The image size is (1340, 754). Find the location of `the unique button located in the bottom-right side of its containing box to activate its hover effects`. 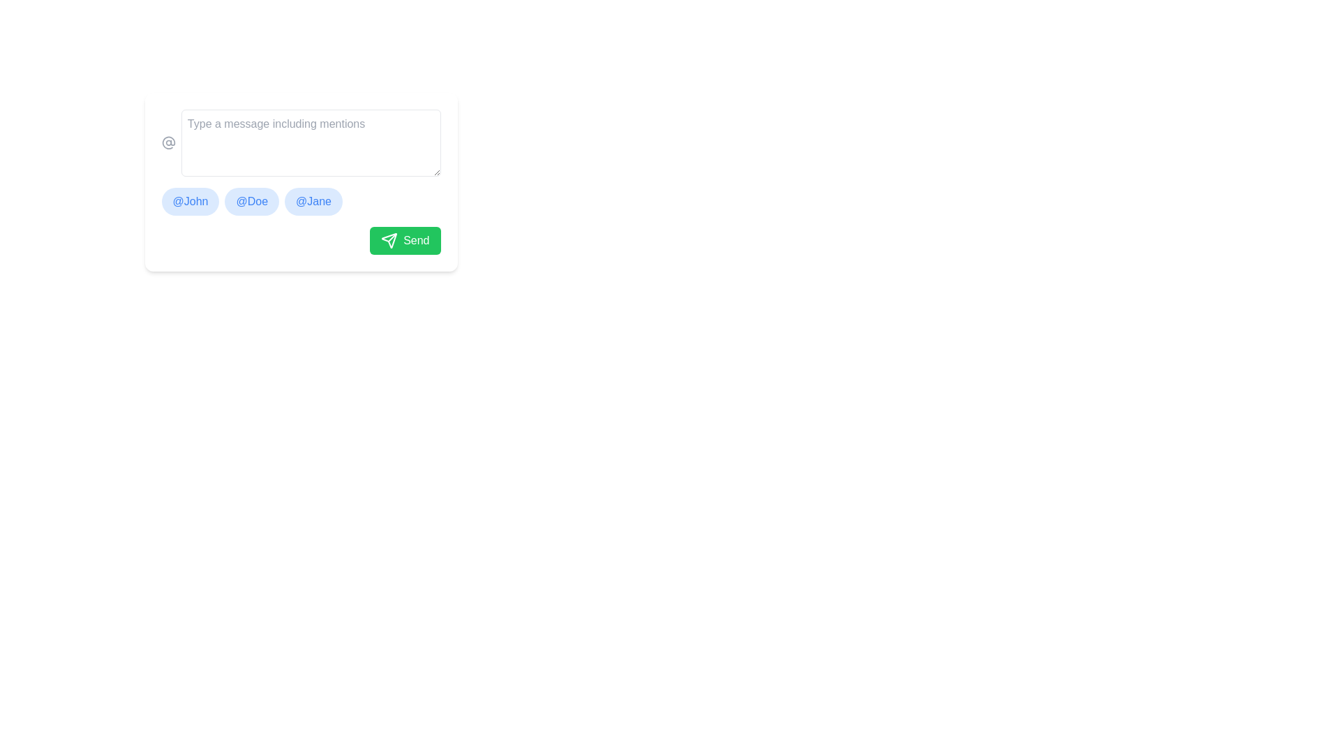

the unique button located in the bottom-right side of its containing box to activate its hover effects is located at coordinates (404, 239).